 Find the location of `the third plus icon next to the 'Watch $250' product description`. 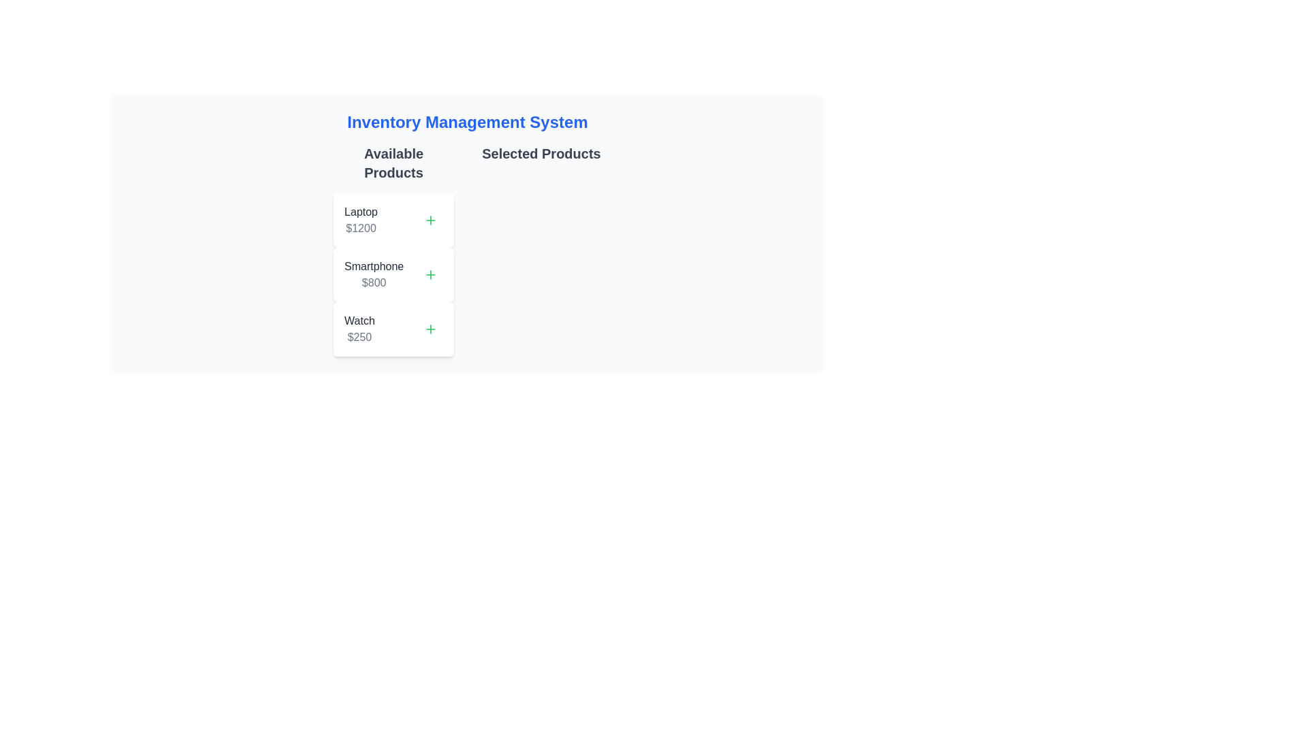

the third plus icon next to the 'Watch $250' product description is located at coordinates (430, 329).